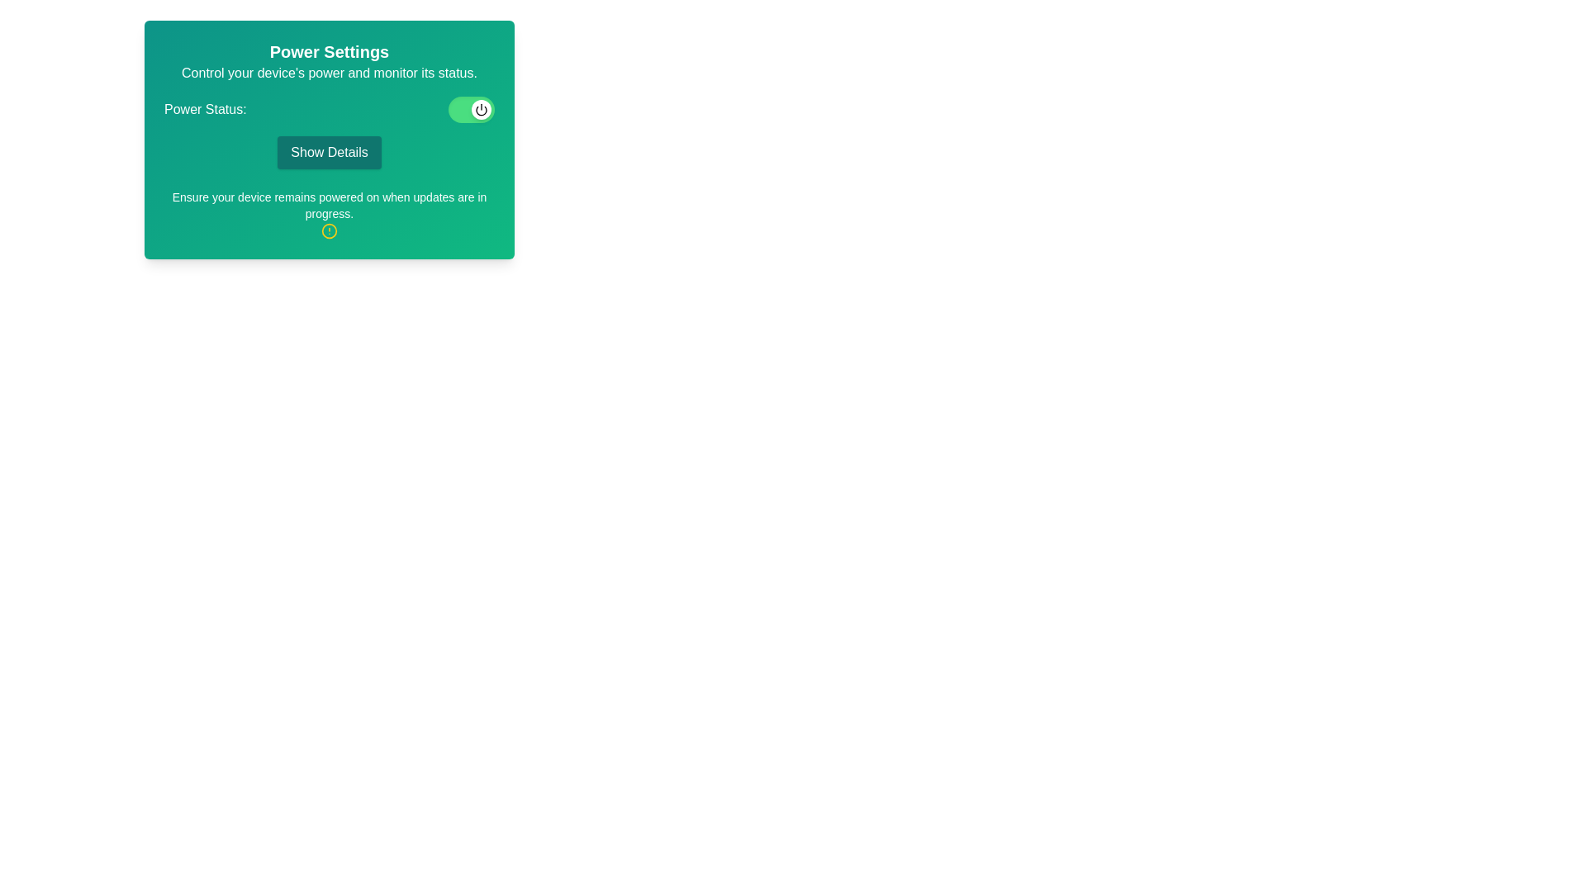  What do you see at coordinates (329, 205) in the screenshot?
I see `the static text element displaying 'Ensure your device remains powered on when updates are in progress.' which is located at the bottom of the 'Power Settings' card layout` at bounding box center [329, 205].